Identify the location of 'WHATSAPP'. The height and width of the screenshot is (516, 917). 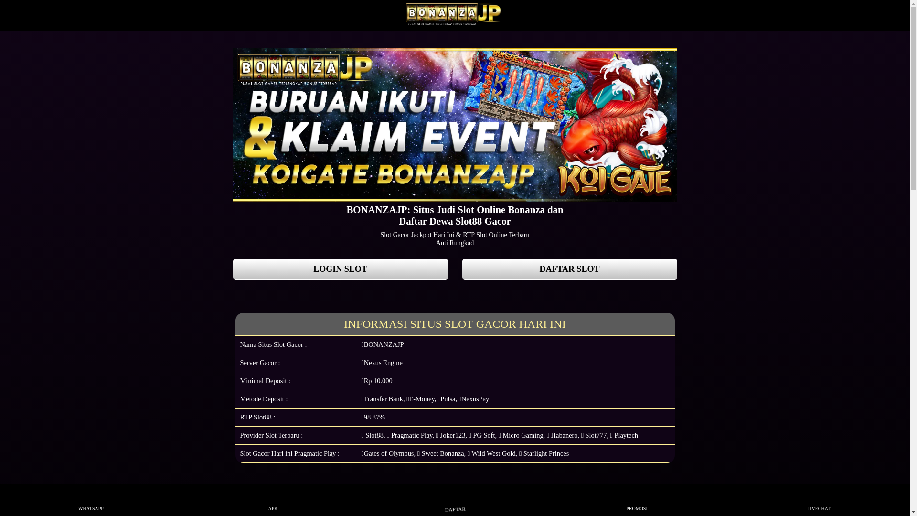
(91, 499).